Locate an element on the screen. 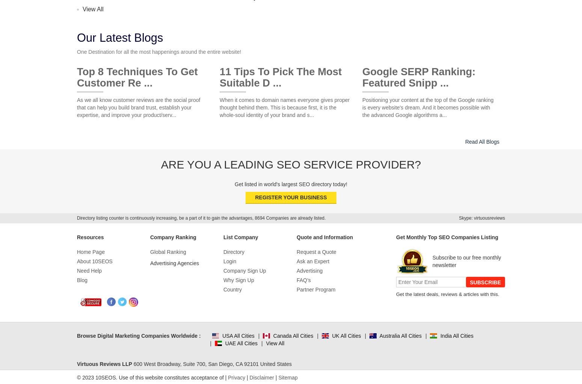 The height and width of the screenshot is (384, 582). 'Country' is located at coordinates (232, 289).